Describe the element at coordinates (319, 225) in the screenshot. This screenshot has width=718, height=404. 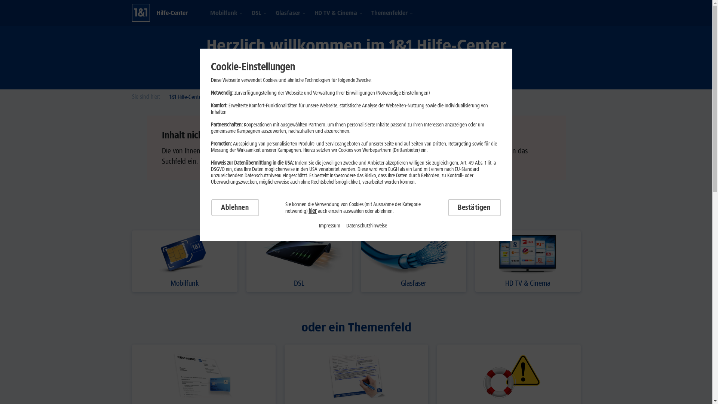
I see `'Impressum'` at that location.